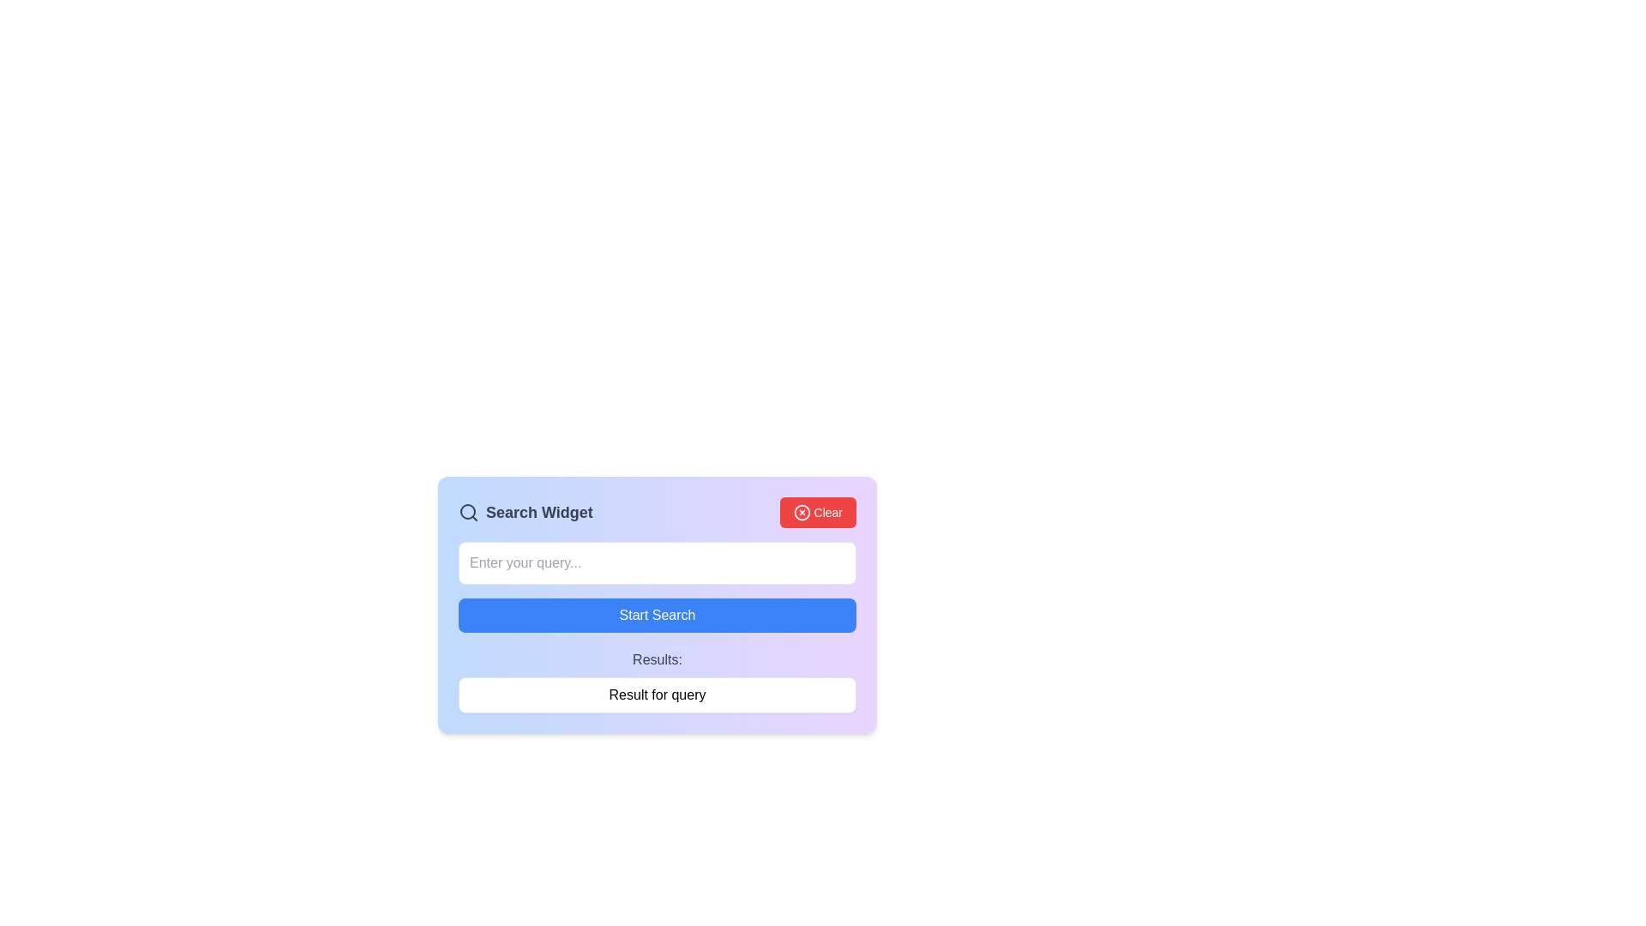 The width and height of the screenshot is (1646, 926). What do you see at coordinates (657, 659) in the screenshot?
I see `the static text label that reads 'Results:', which is positioned below the 'Start Search' button and above the result summary area` at bounding box center [657, 659].